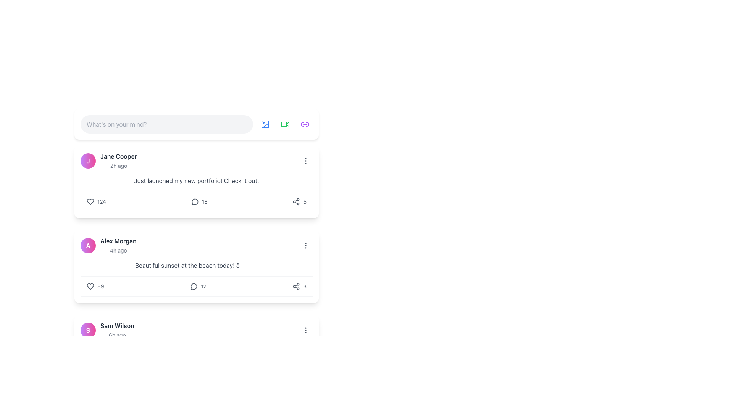 Image resolution: width=733 pixels, height=412 pixels. I want to click on the sharing button featuring an icon of three interconnected dots and the number '3' located towards the far-right end of the row, so click(299, 286).